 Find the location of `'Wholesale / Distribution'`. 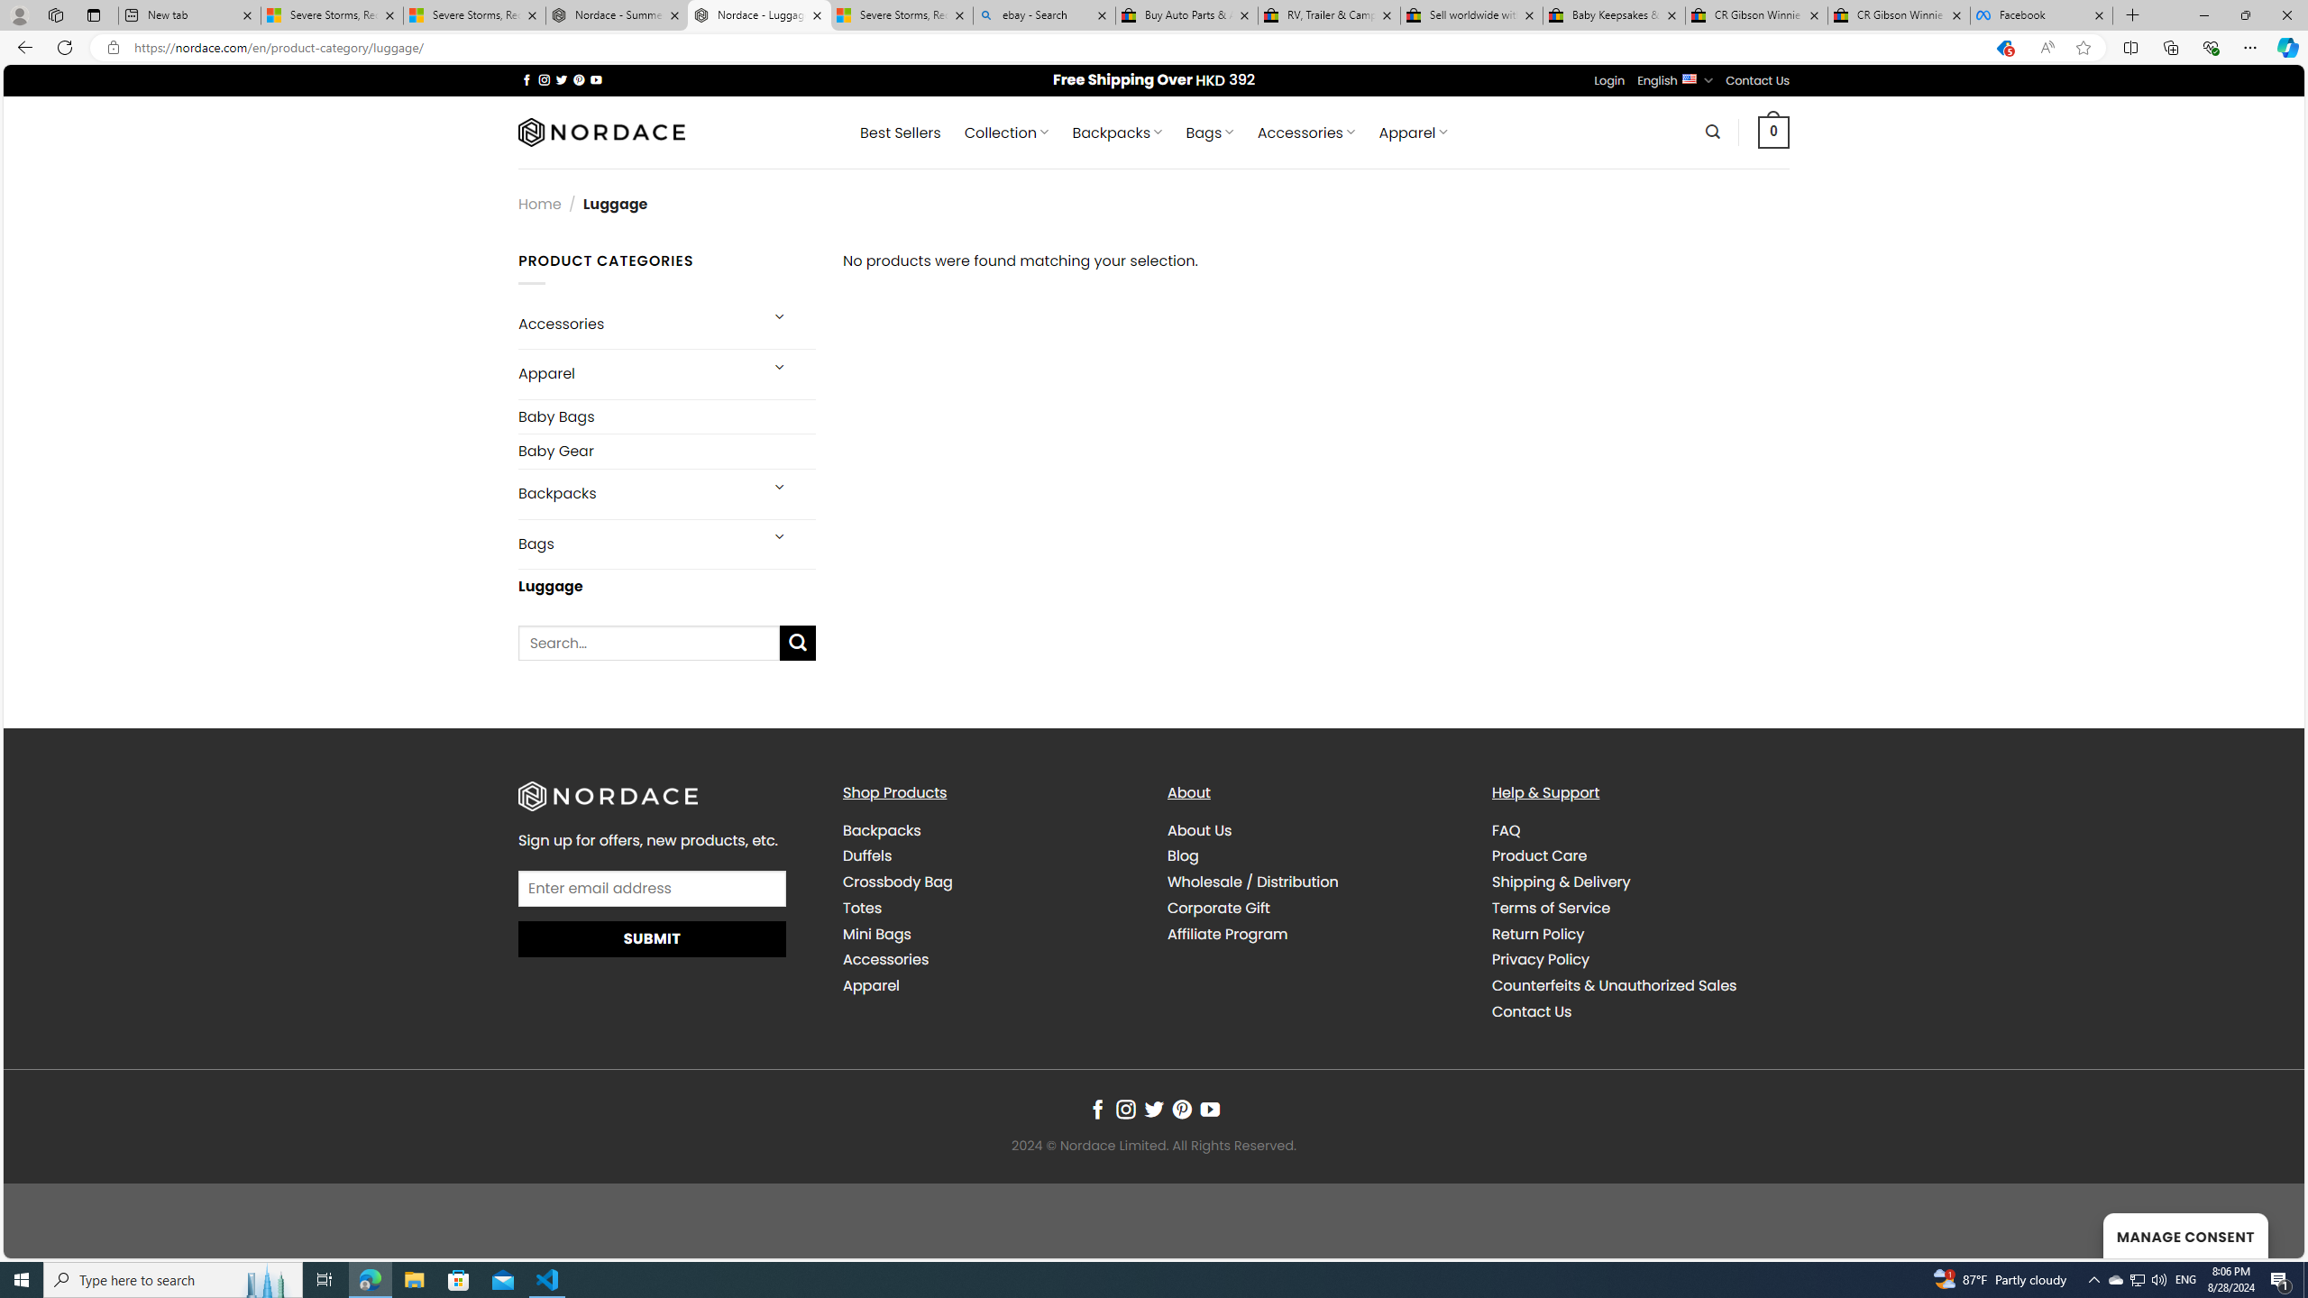

'Wholesale / Distribution' is located at coordinates (1253, 882).